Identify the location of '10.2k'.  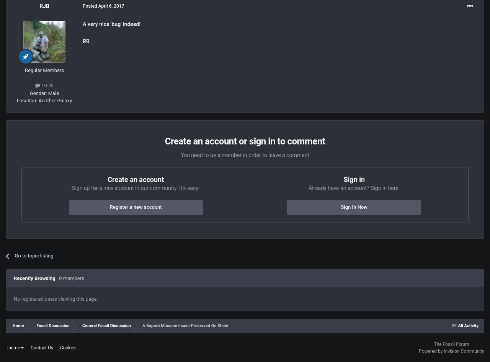
(46, 85).